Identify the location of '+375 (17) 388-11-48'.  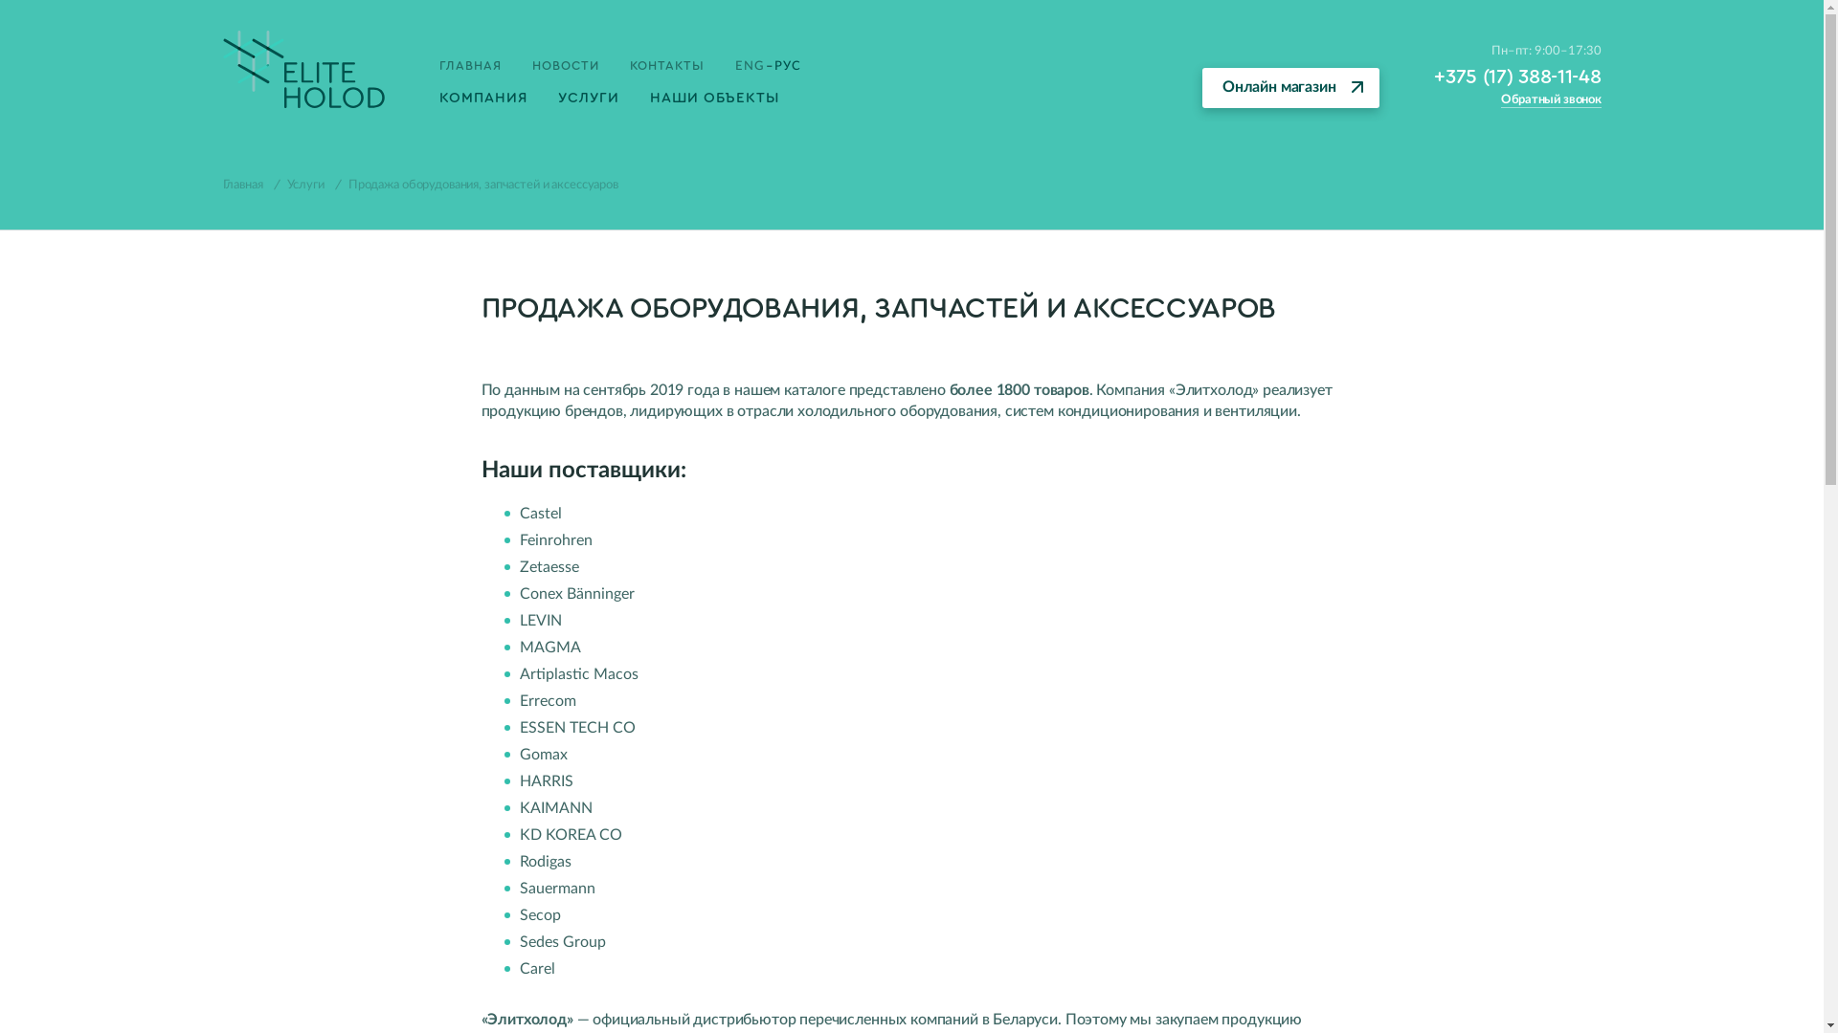
(1433, 76).